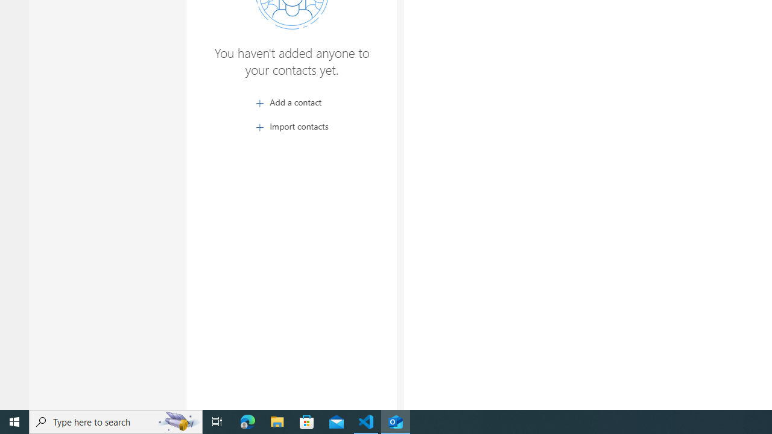  I want to click on 'Import contacts', so click(291, 126).